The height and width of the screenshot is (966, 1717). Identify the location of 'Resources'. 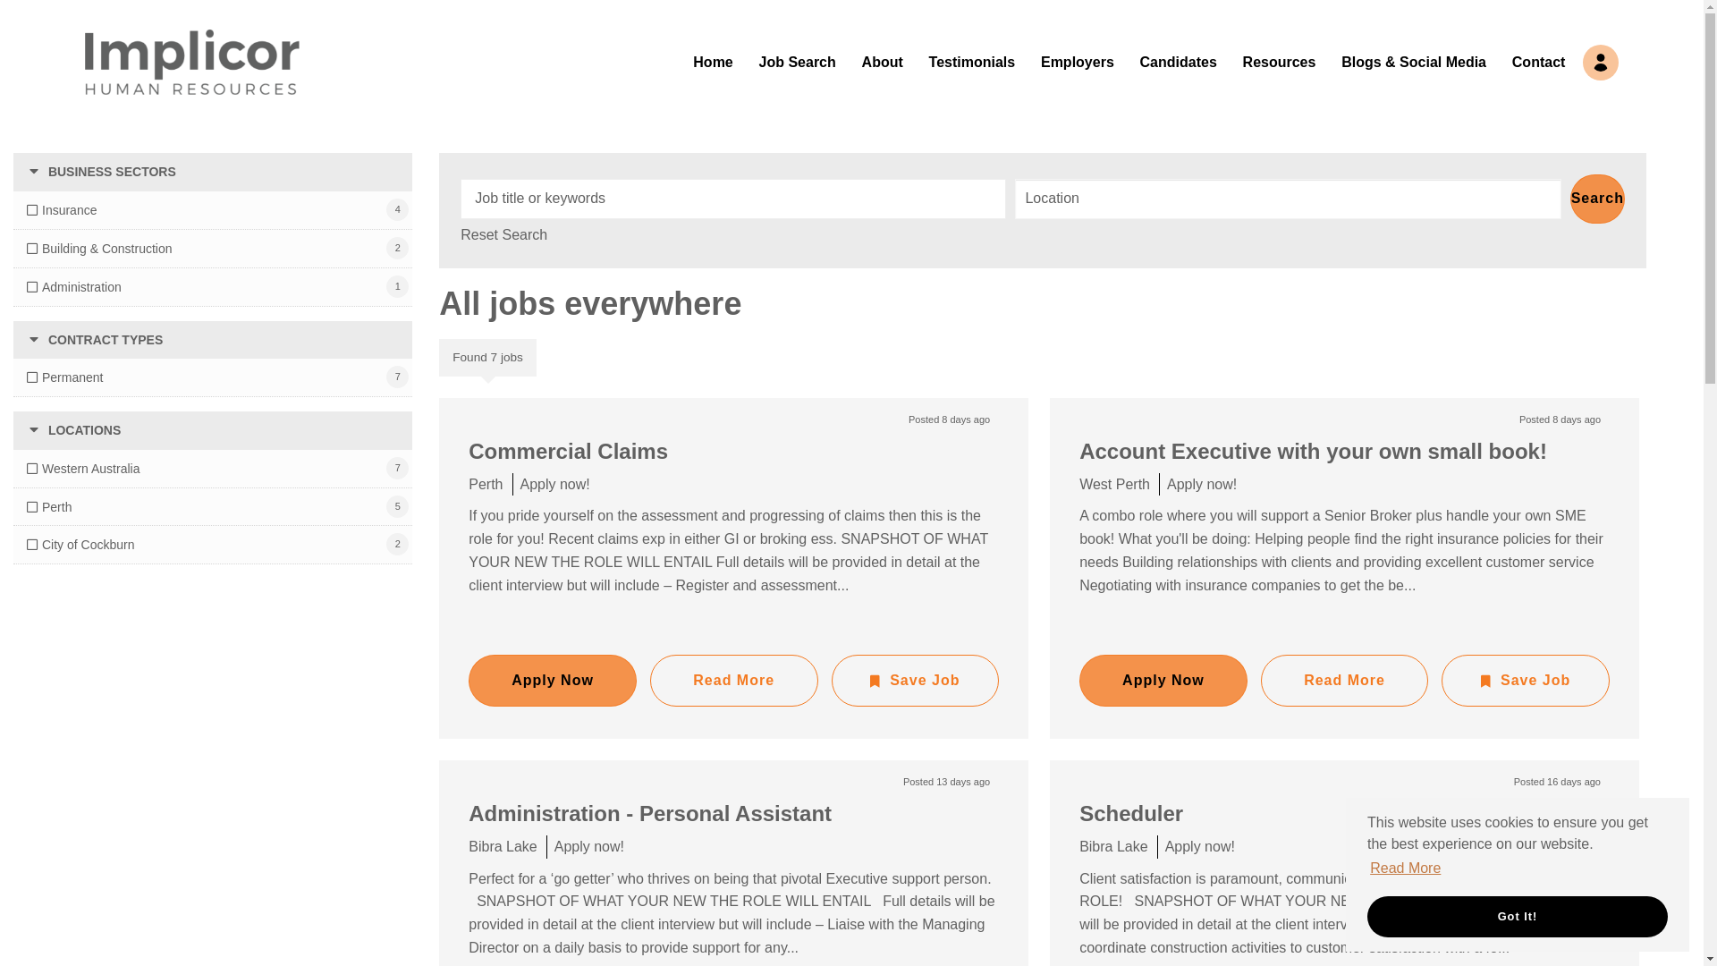
(1278, 61).